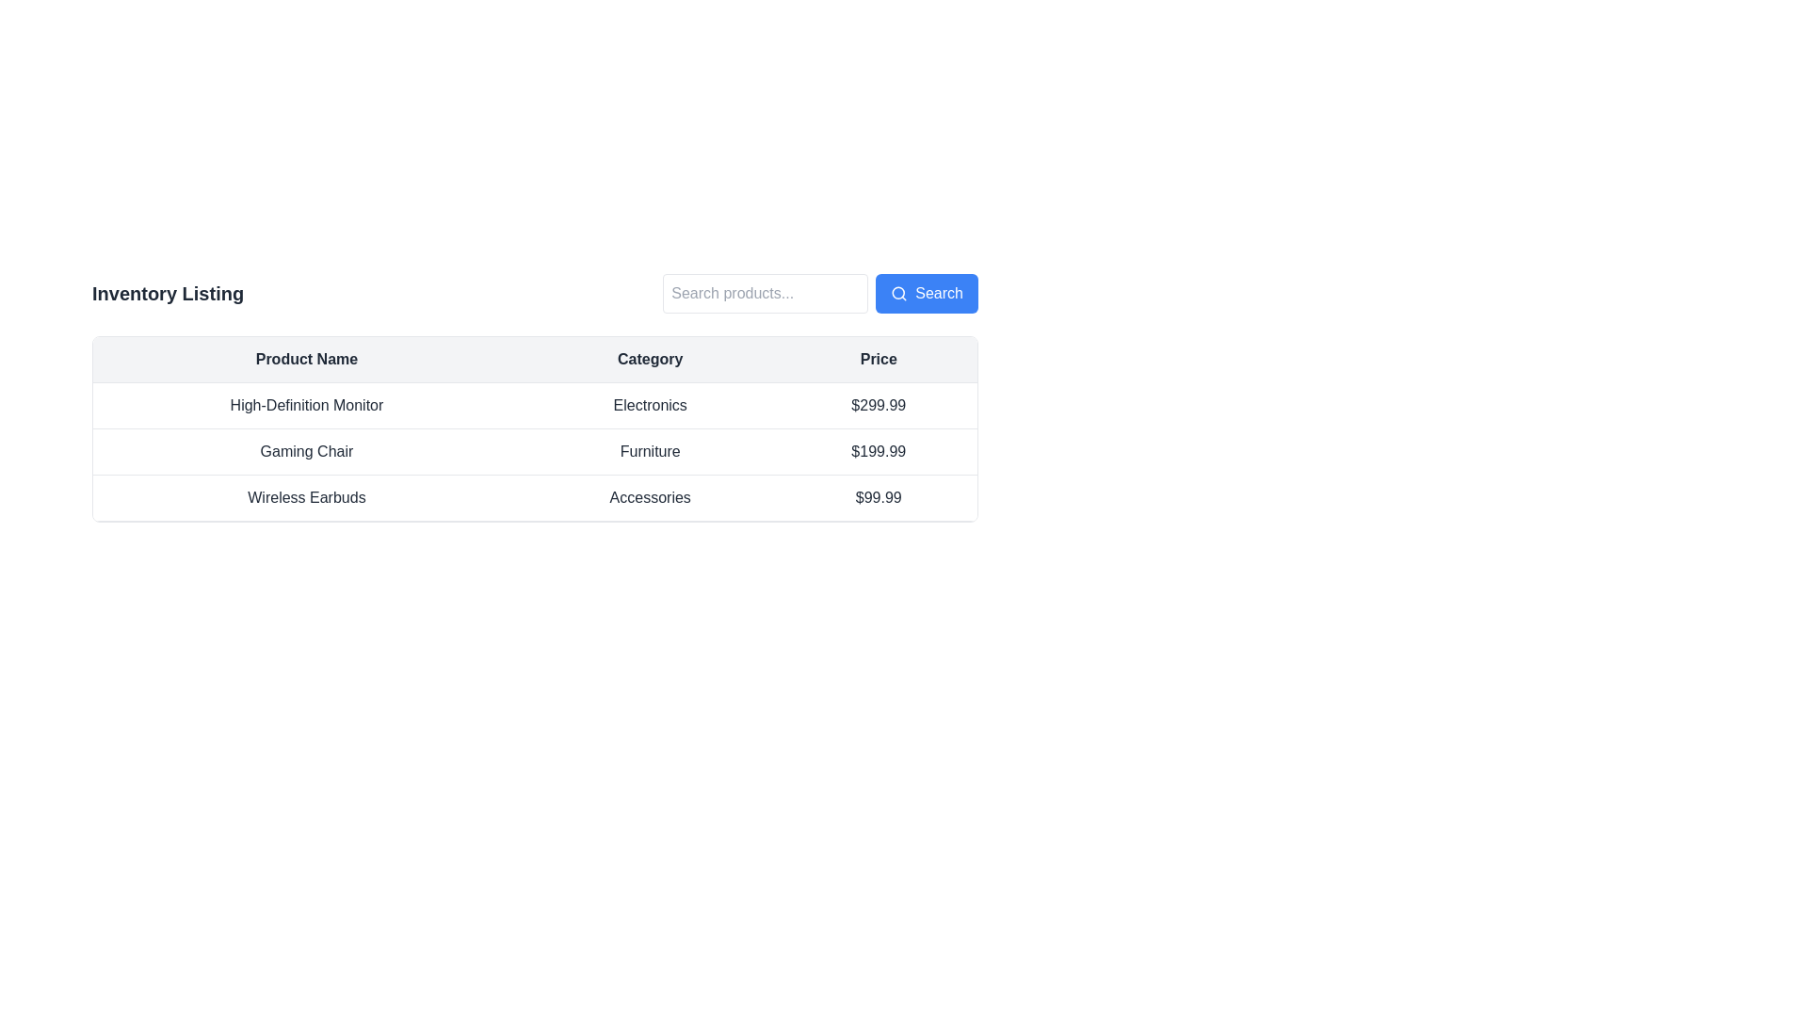 The width and height of the screenshot is (1808, 1017). I want to click on the second row of the table, which displays details of listed products, so click(534, 428).